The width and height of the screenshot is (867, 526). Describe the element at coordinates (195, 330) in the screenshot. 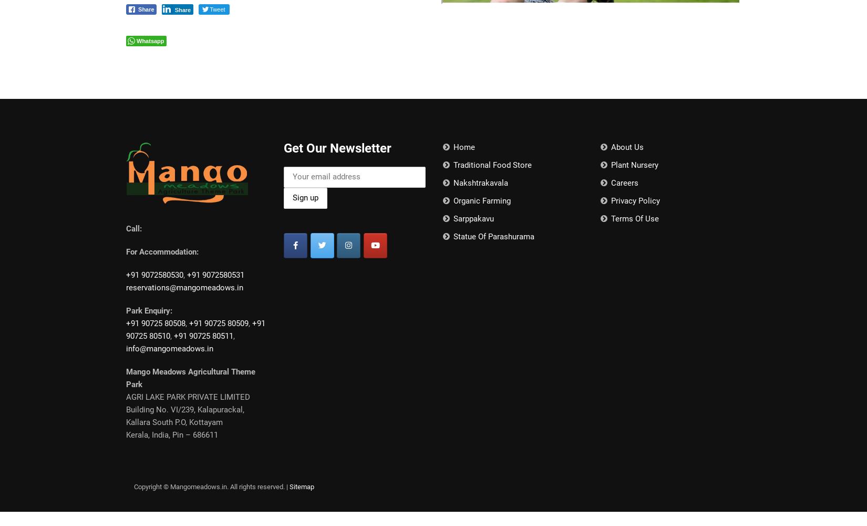

I see `'+91 90725 80510'` at that location.